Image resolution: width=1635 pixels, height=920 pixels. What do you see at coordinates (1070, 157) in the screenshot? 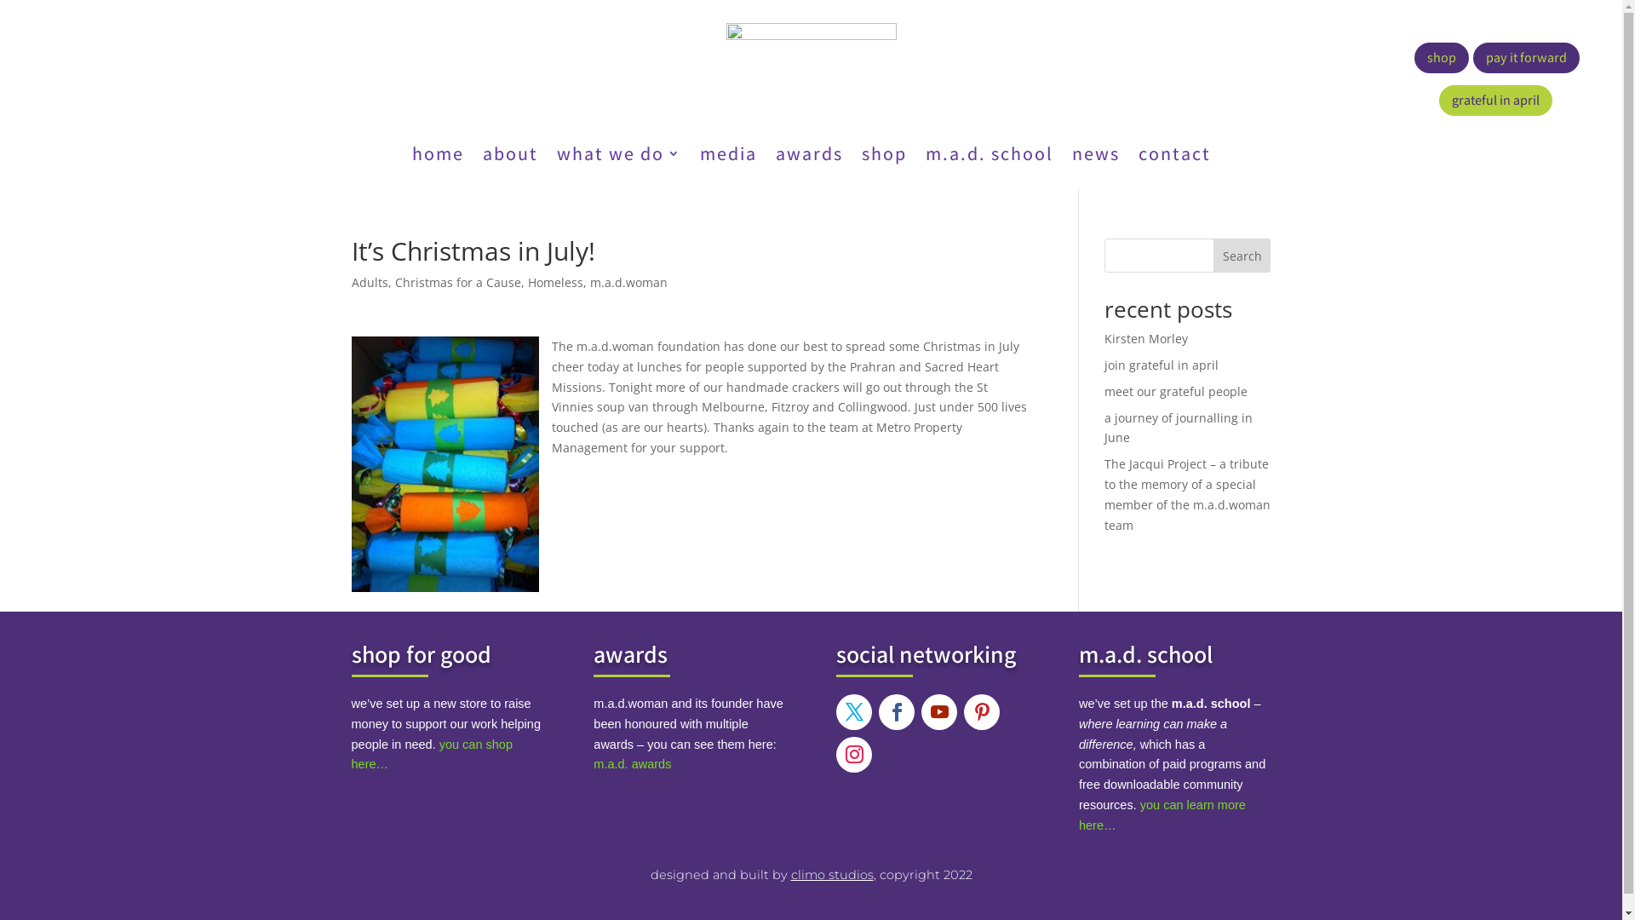
I see `'news'` at bounding box center [1070, 157].